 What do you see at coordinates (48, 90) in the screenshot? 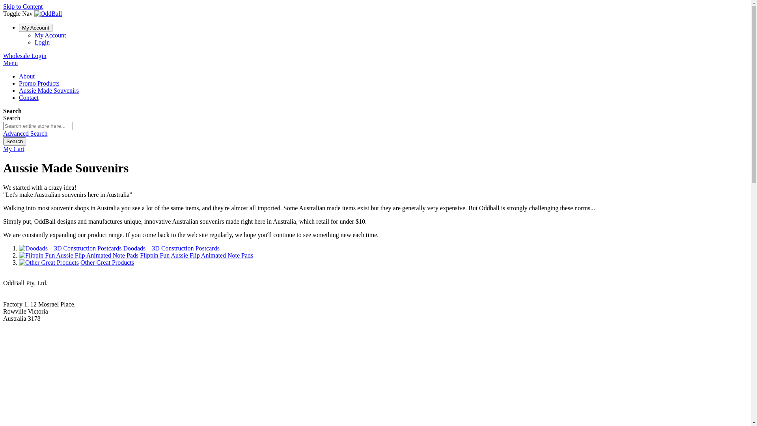
I see `'Aussie Made Souvenirs'` at bounding box center [48, 90].